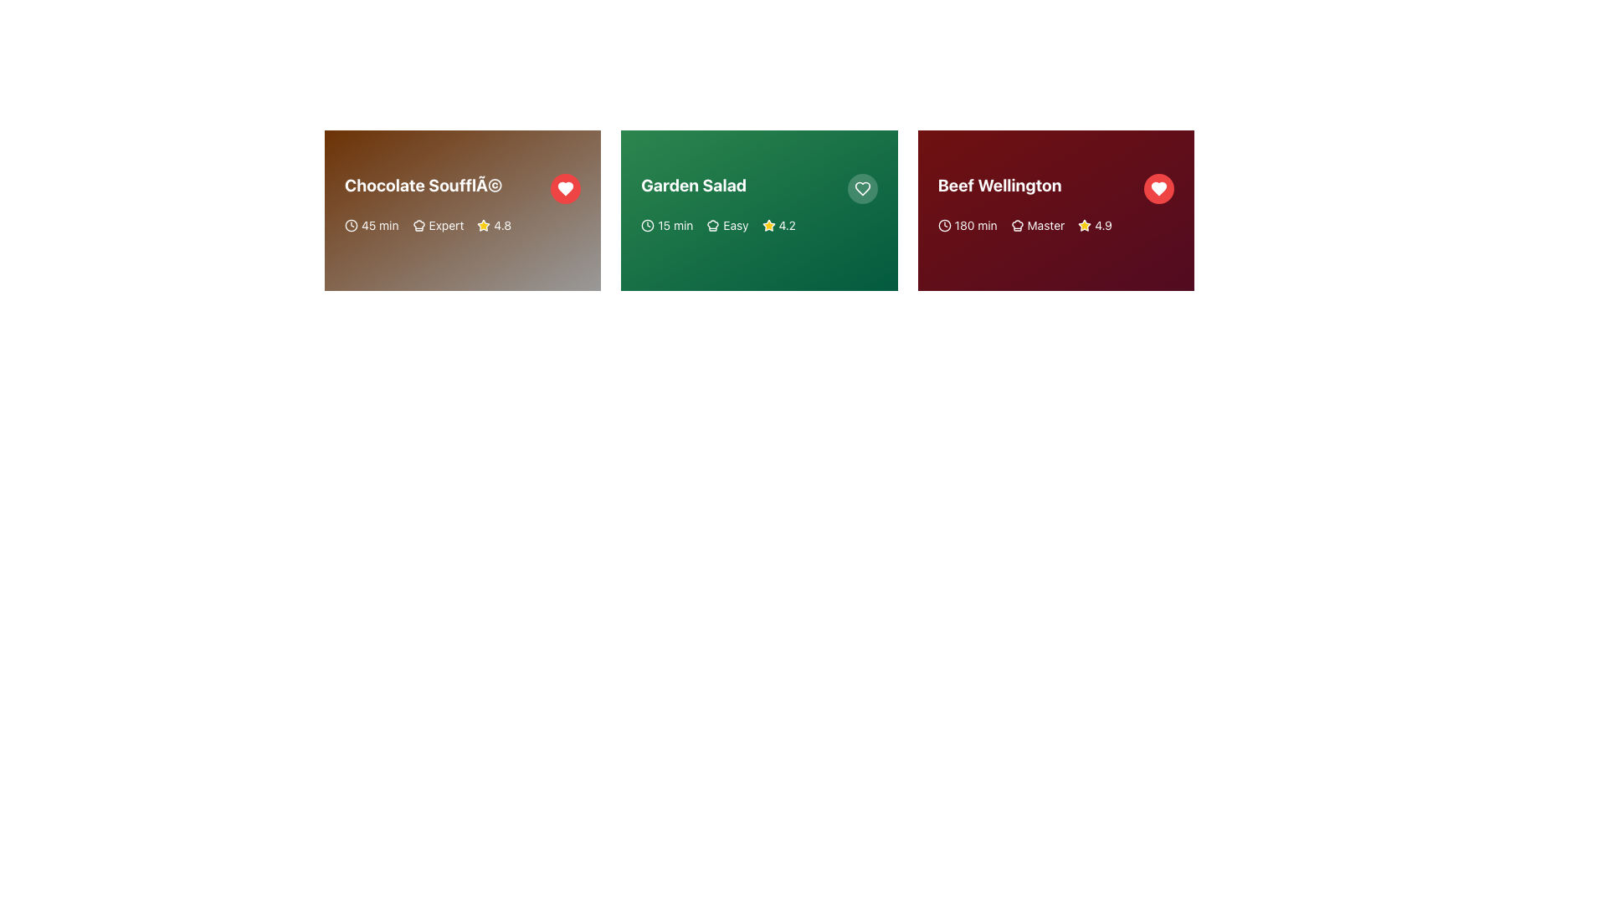 The width and height of the screenshot is (1607, 903). I want to click on the 'Master' difficulty level label located under the '180 min' preparation time in the third card labeled 'Beef Wellington', so click(1036, 226).